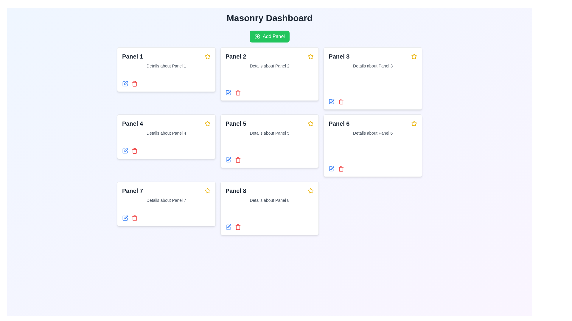  I want to click on the heading text for 'Panel 4' which identifies its content and provides a label for user recognition, located in the upper-left region of the card, so click(132, 123).